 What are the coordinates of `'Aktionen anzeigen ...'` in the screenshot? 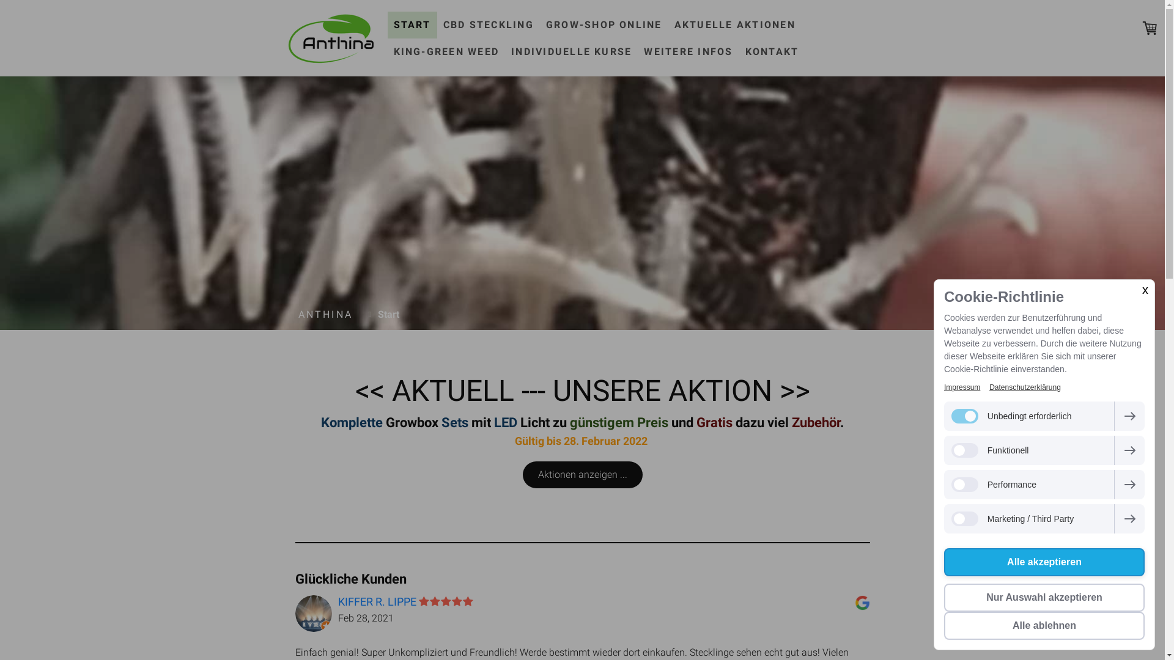 It's located at (522, 474).